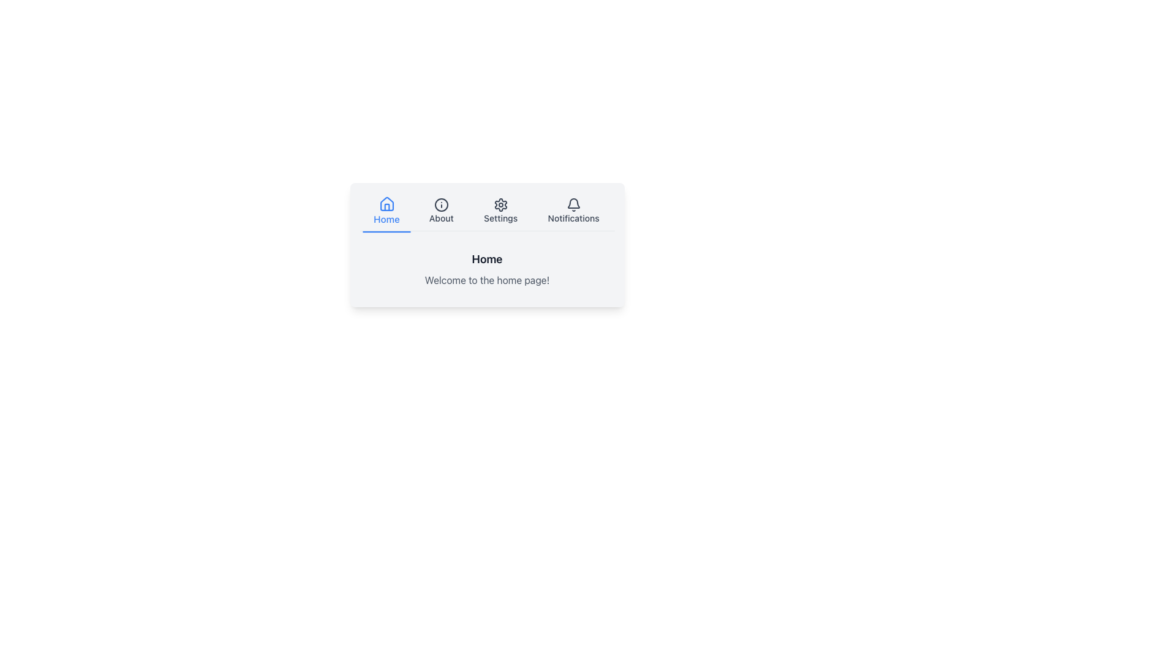 The width and height of the screenshot is (1176, 661). I want to click on the interactive navigation button for the 'About' section located centrally along the top of the navigation bar, so click(441, 211).